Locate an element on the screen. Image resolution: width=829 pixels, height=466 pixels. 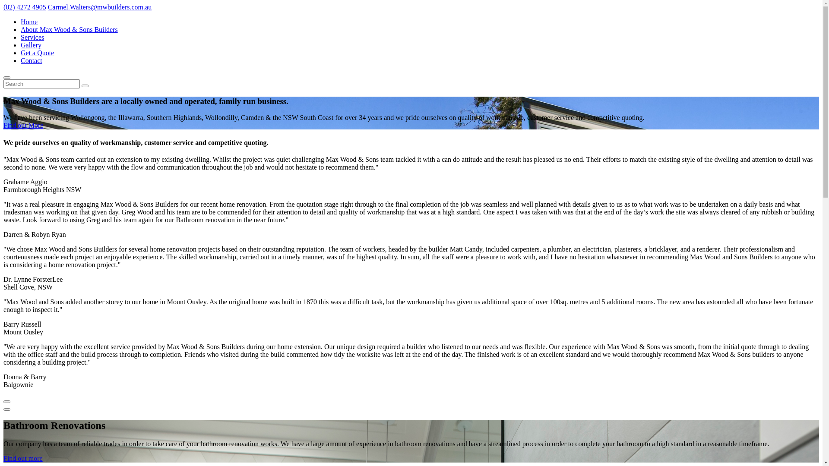
'Carmel.Walters@mwbuilders.com.au' is located at coordinates (100, 7).